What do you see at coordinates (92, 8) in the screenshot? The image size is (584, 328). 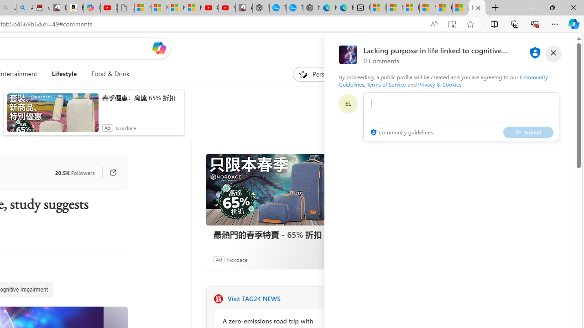 I see `'Copilot'` at bounding box center [92, 8].